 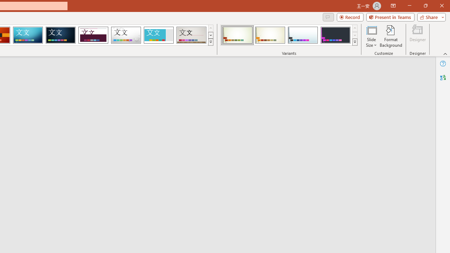 What do you see at coordinates (28, 35) in the screenshot?
I see `'Circuit'` at bounding box center [28, 35].